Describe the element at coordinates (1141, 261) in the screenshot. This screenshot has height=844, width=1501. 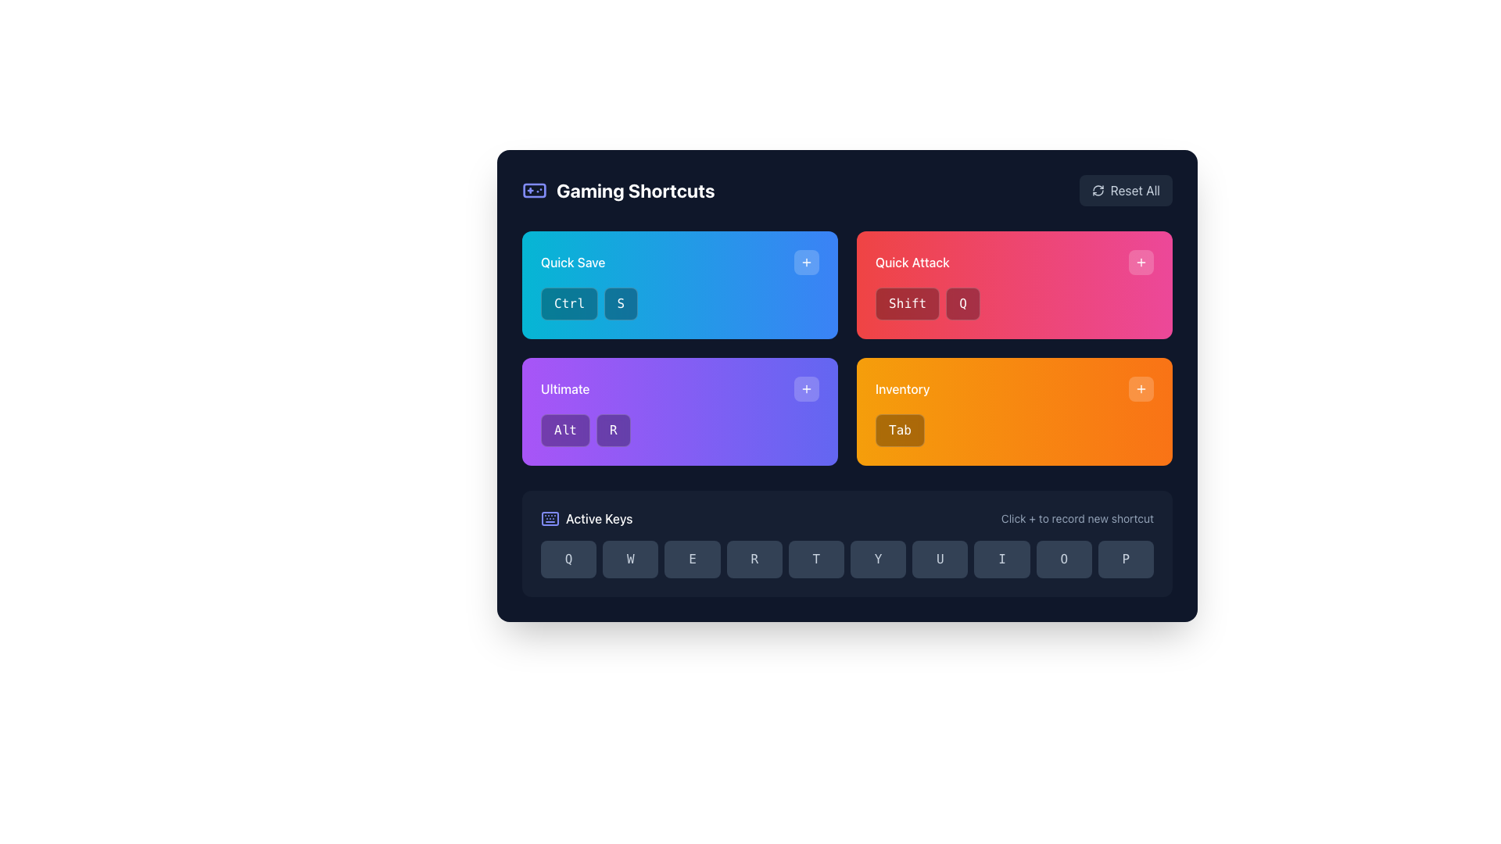
I see `the small square button with rounded corners, featuring a plus icon, located at the top-right corner of the 'Quick Attack' card` at that location.